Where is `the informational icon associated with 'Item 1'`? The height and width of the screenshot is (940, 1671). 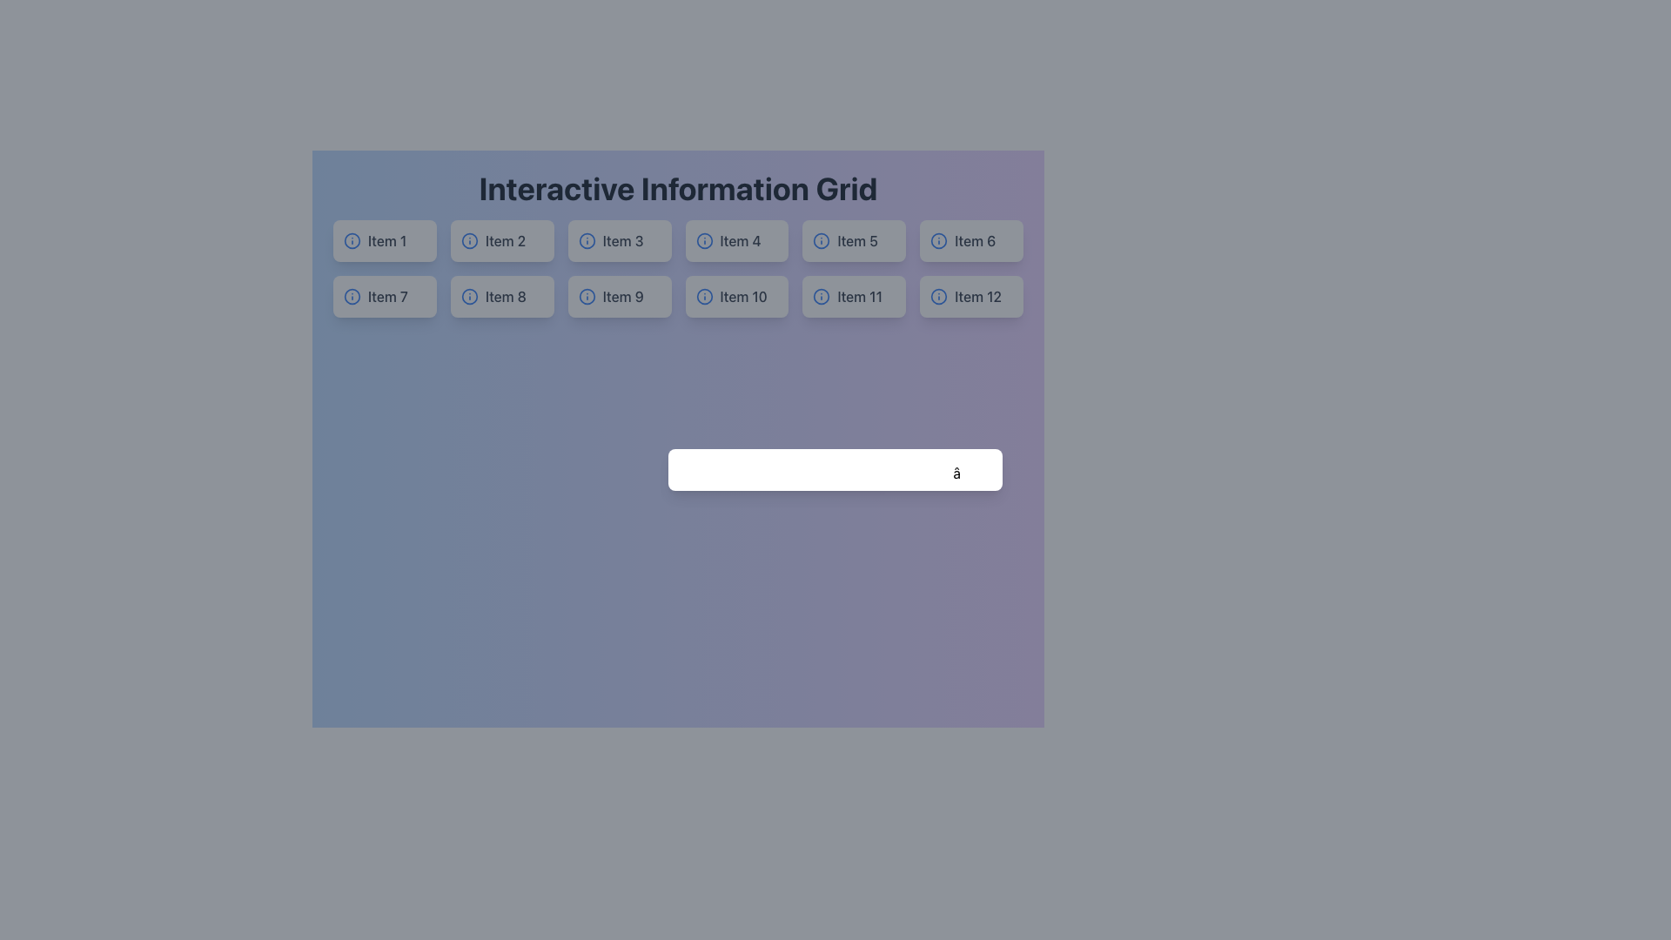
the informational icon associated with 'Item 1' is located at coordinates (383, 241).